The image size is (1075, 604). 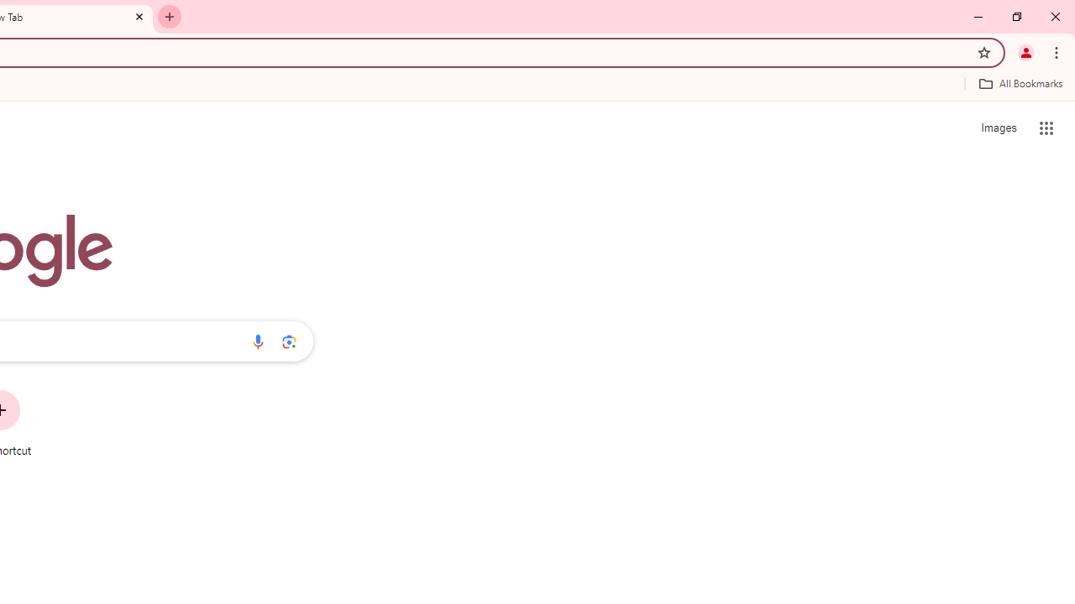 What do you see at coordinates (257, 341) in the screenshot?
I see `'Search by voice'` at bounding box center [257, 341].